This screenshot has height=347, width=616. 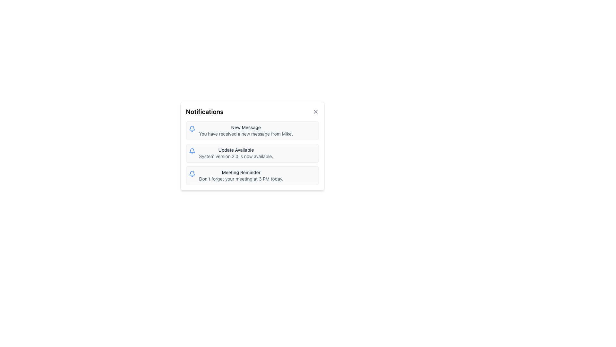 What do you see at coordinates (252, 146) in the screenshot?
I see `the middle notification item displaying 'Update Available' to acknowledge or open further details` at bounding box center [252, 146].